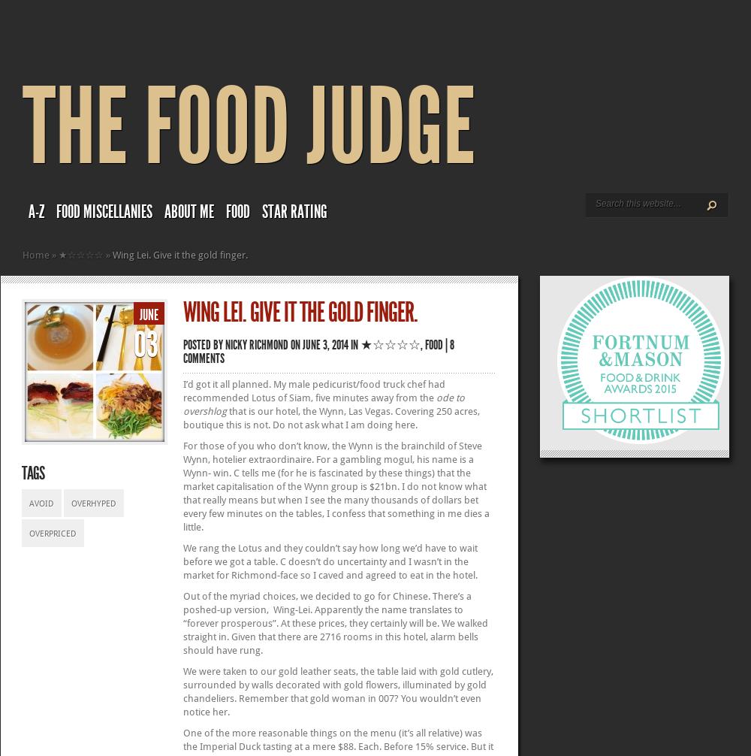  What do you see at coordinates (182, 391) in the screenshot?
I see `'I’d got it all planned. My male pedicurist/food truck chef had recommended Lotus of Siam, five minutes away from the'` at bounding box center [182, 391].